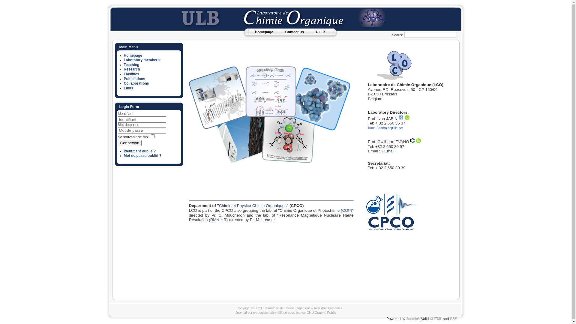 The image size is (576, 324). I want to click on 'y Email', so click(388, 151).